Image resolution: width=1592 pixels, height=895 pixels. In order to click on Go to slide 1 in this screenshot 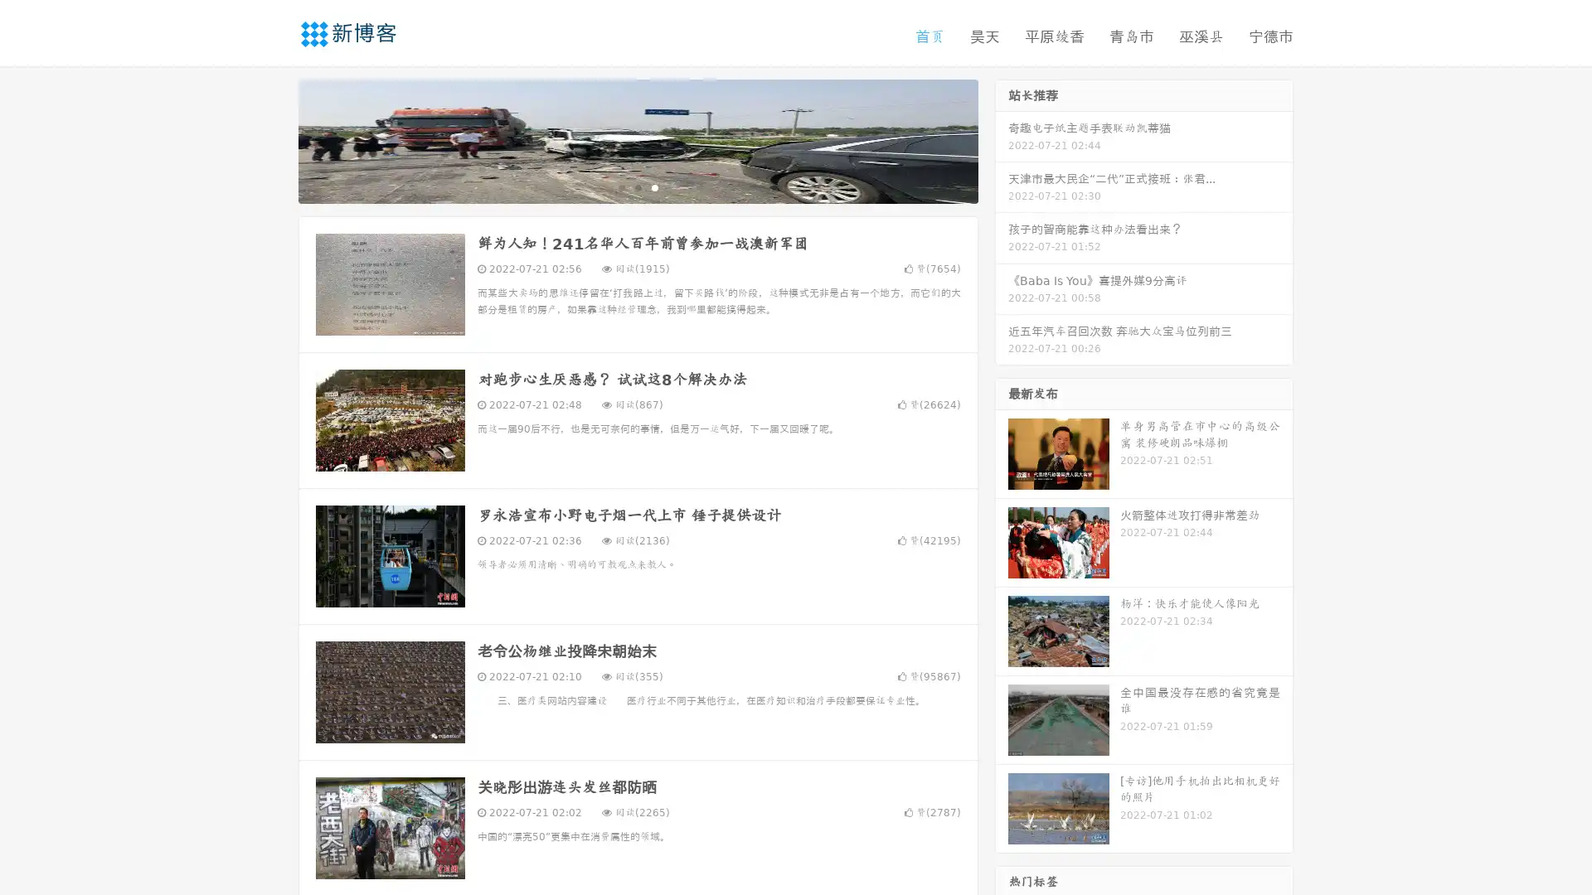, I will do `click(620, 186)`.